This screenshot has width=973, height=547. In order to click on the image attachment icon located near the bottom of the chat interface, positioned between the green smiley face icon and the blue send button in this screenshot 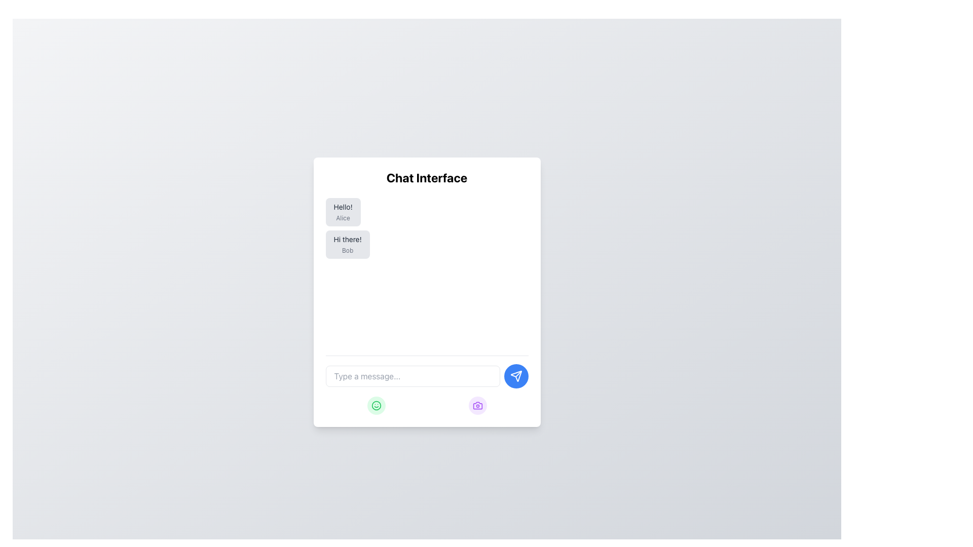, I will do `click(477, 405)`.